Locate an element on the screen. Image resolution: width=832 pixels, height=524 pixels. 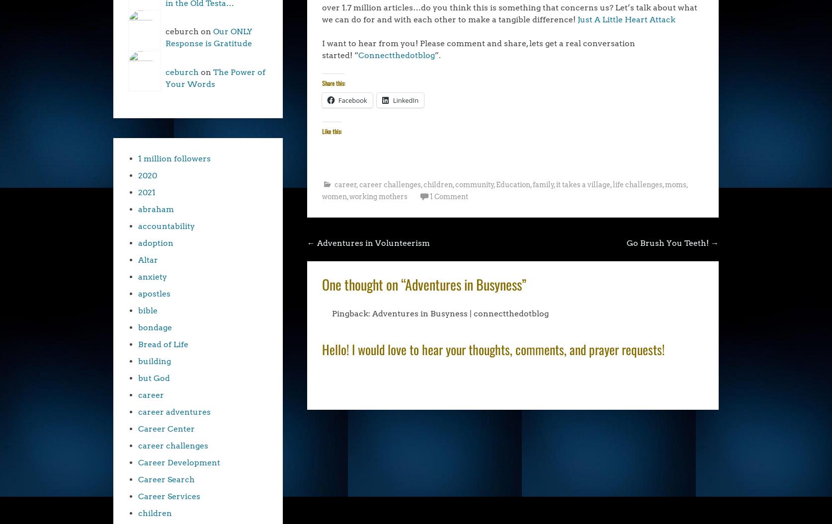
'but God' is located at coordinates (154, 378).